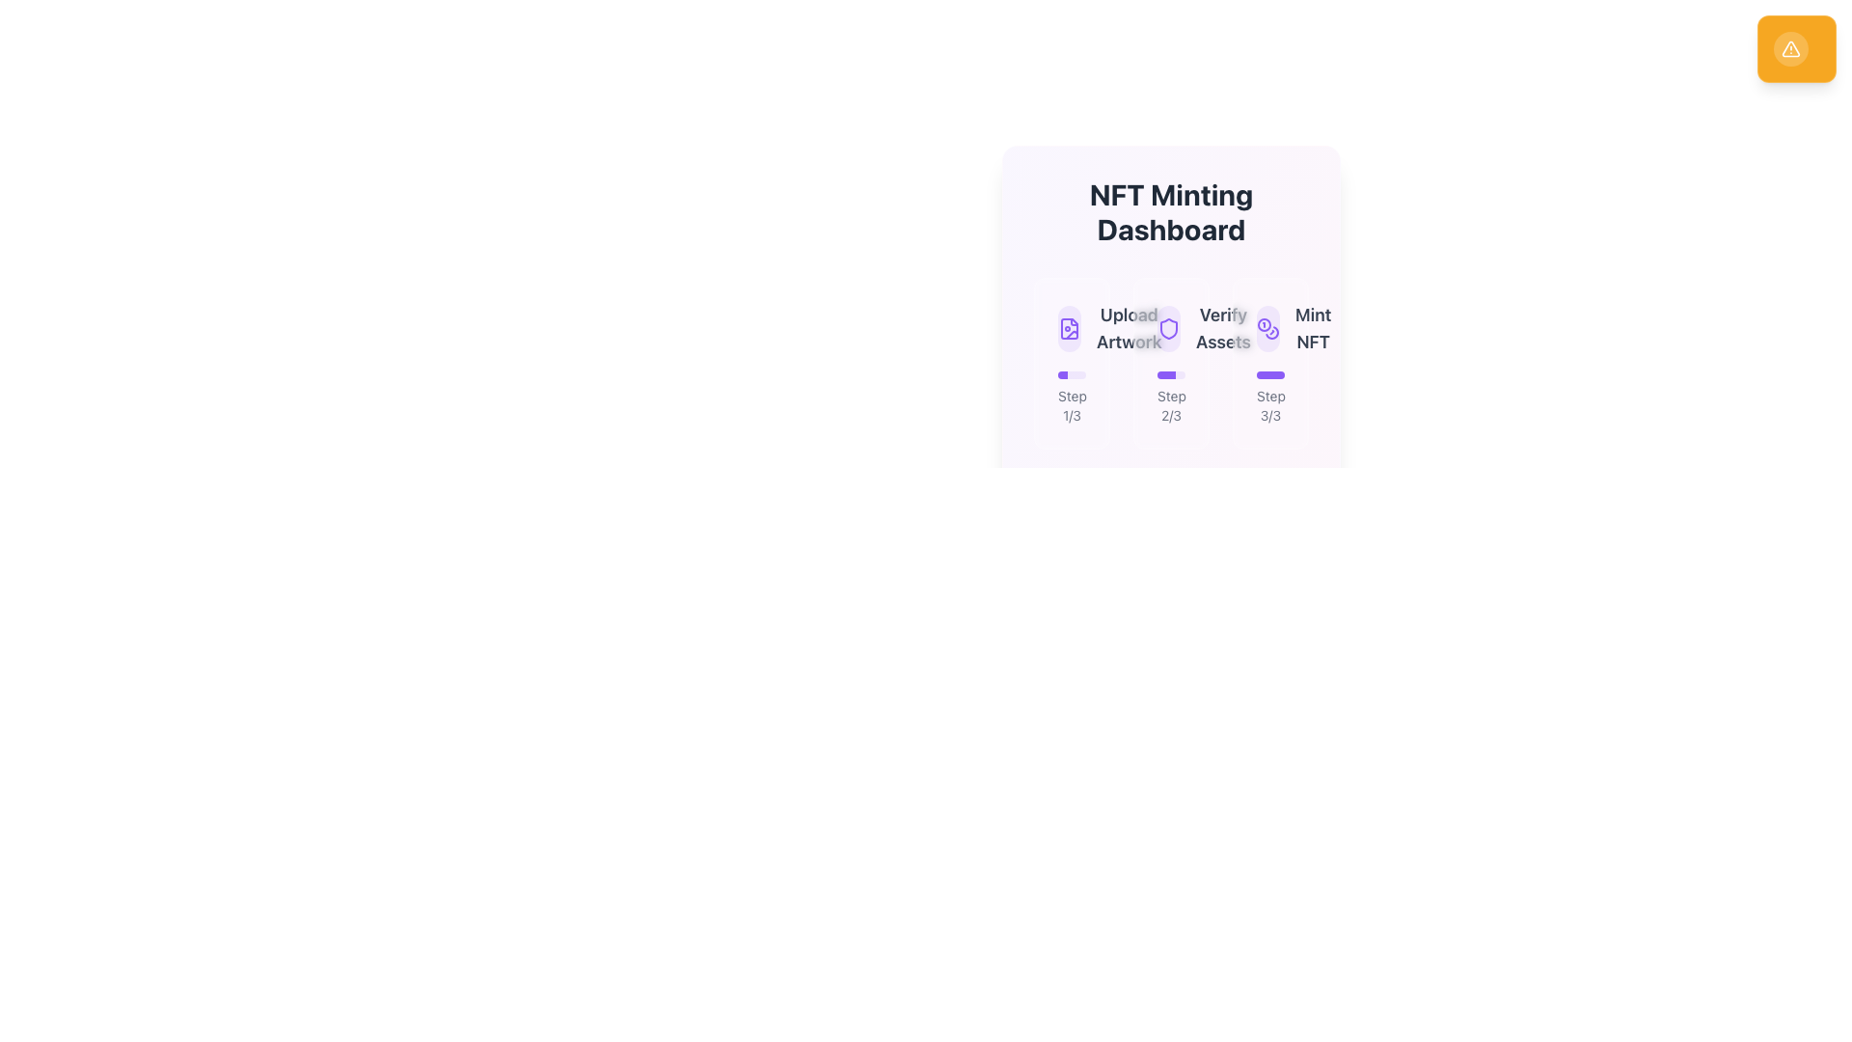  I want to click on the Text Label that indicates the current step (2 out of 3) in the sequential navigation process, positioned centrally within the 'Verify Assets' section, so click(1170, 404).